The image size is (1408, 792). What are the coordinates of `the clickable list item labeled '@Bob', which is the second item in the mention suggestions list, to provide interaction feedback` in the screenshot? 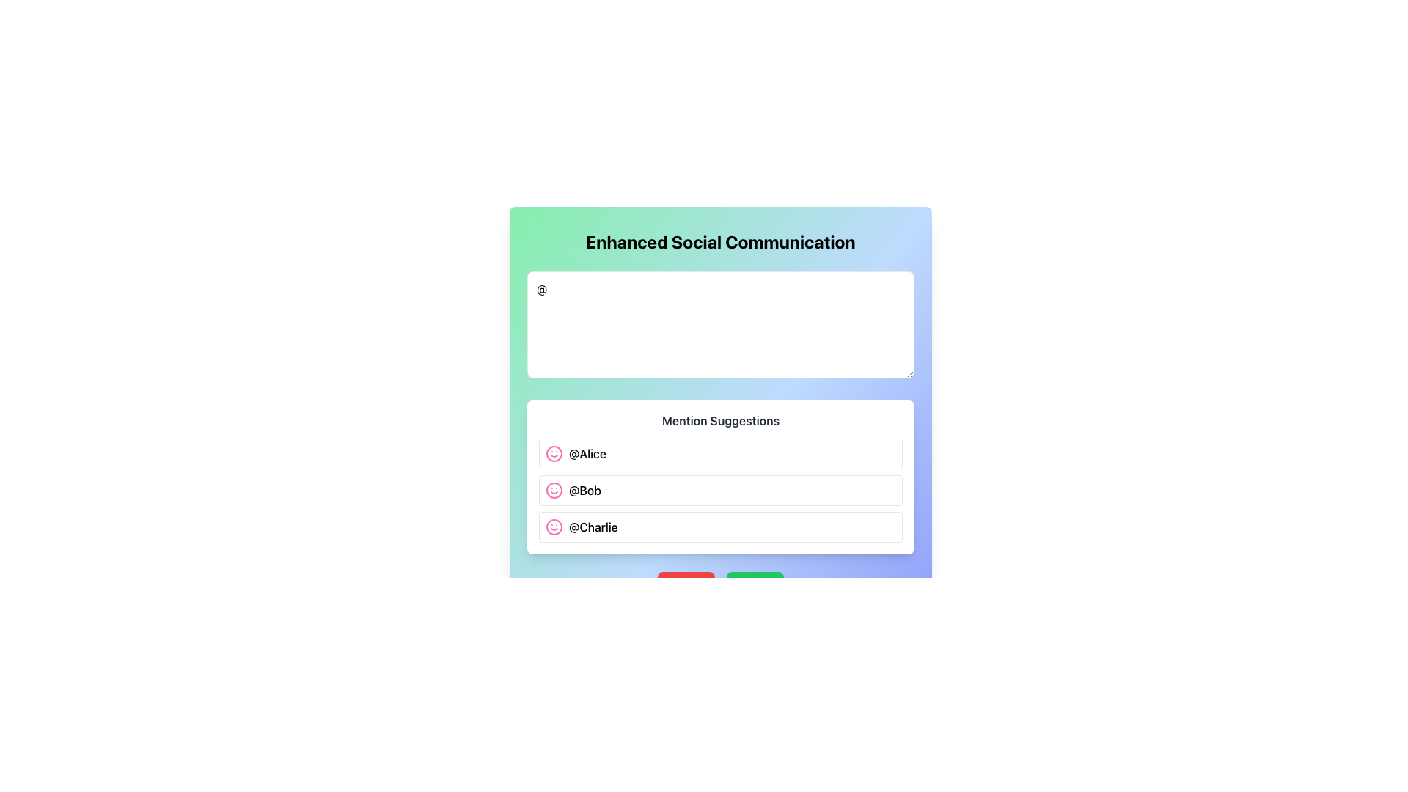 It's located at (721, 490).